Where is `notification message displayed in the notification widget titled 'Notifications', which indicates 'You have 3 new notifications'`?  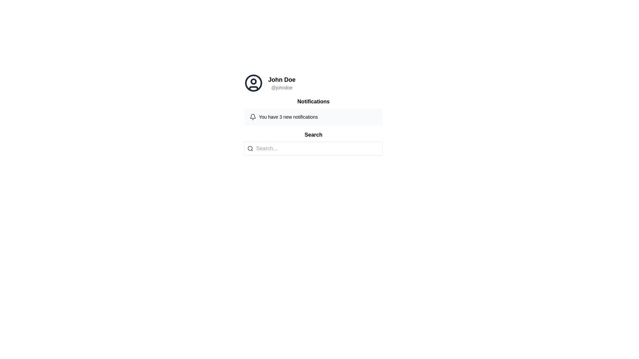 notification message displayed in the notification widget titled 'Notifications', which indicates 'You have 3 new notifications' is located at coordinates (313, 111).